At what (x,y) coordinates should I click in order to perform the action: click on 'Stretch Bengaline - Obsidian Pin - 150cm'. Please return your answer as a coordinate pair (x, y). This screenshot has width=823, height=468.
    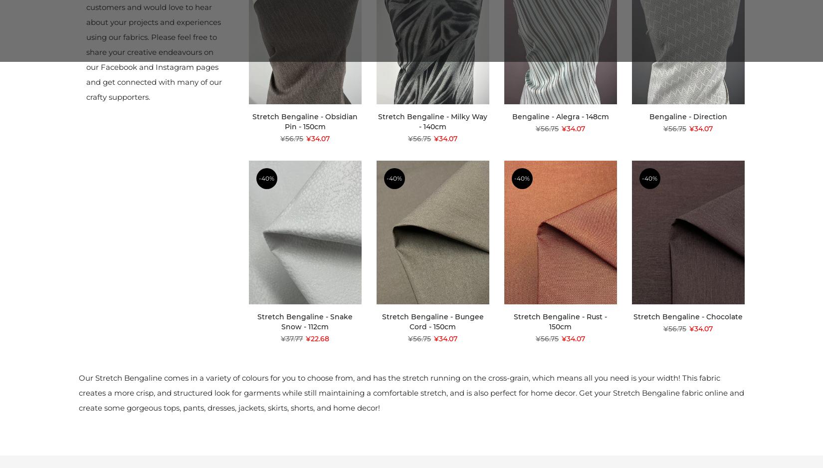
    Looking at the image, I should click on (252, 121).